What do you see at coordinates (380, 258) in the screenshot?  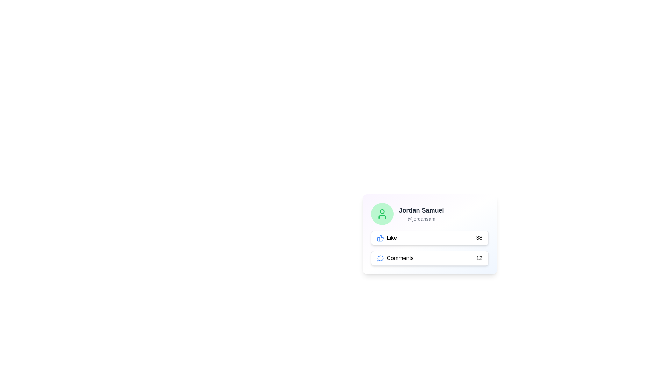 I see `the speech bubble icon, which is blue in color and located to the left of the 'Comments' text` at bounding box center [380, 258].